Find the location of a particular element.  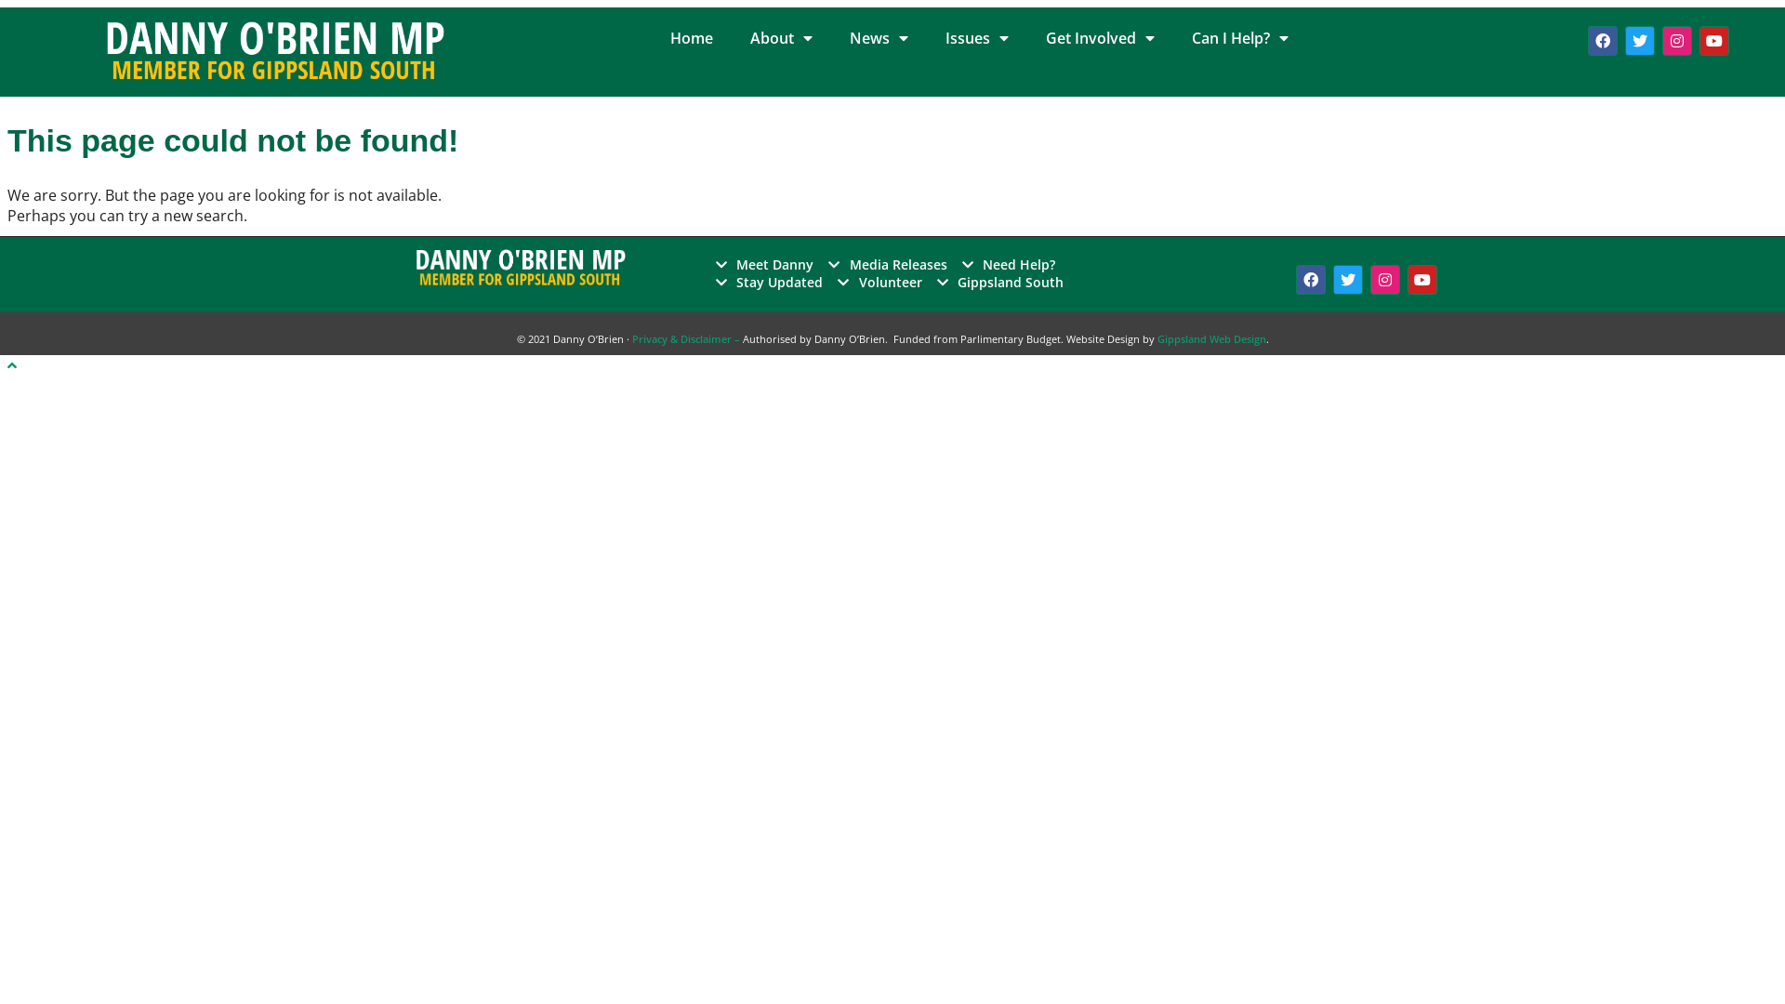

'Meet Danny' is located at coordinates (764, 264).